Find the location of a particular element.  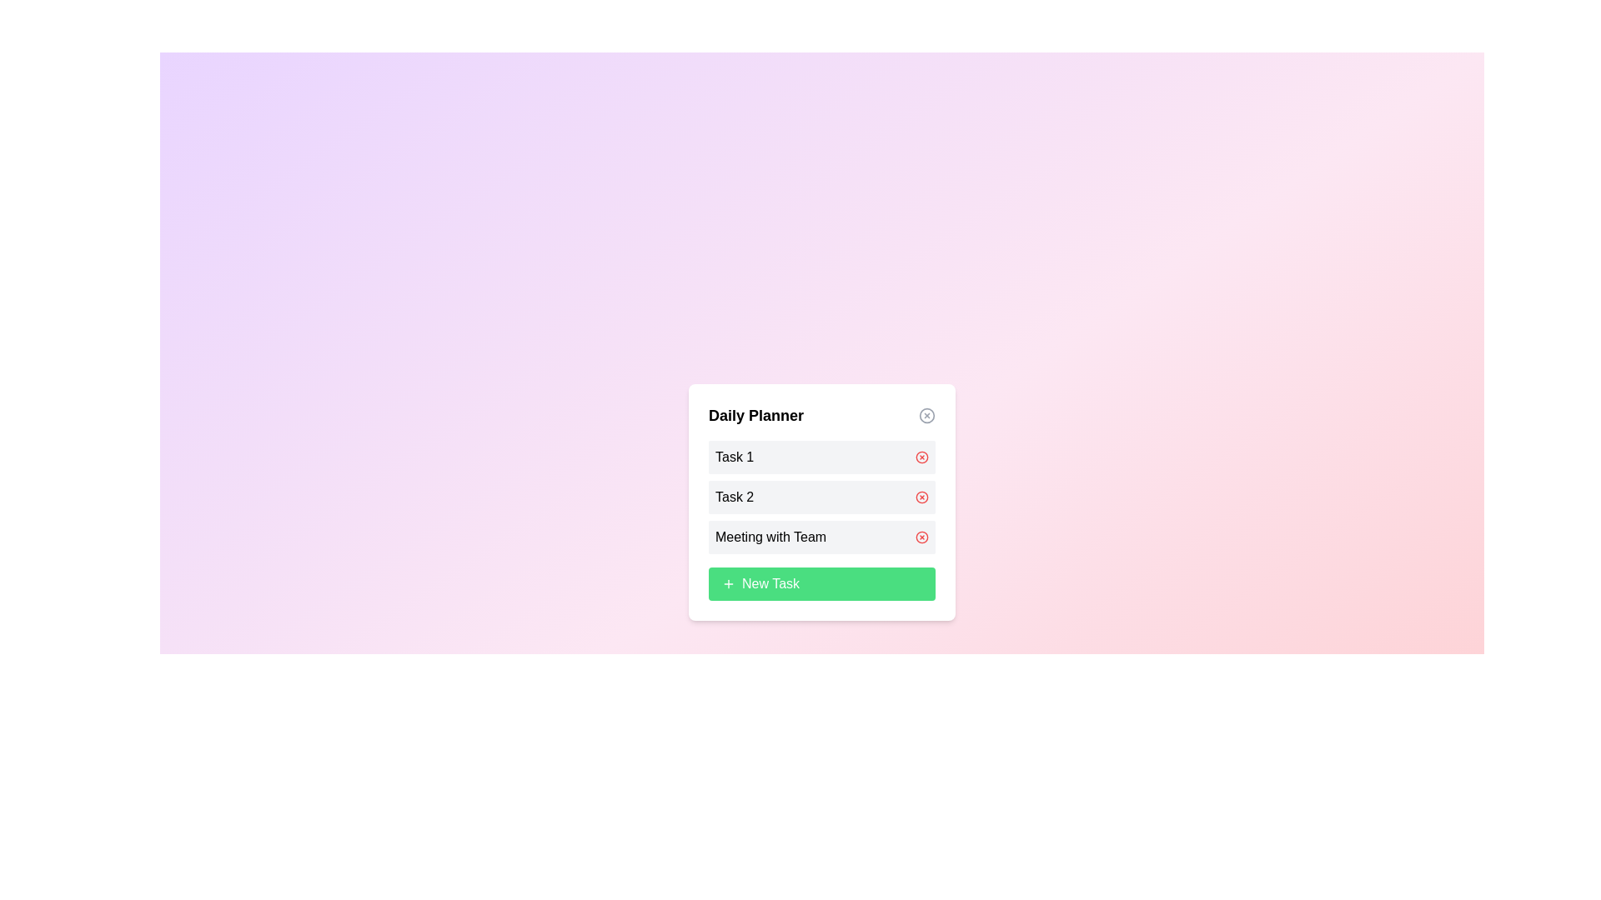

the task labeled 'Task 1' by clicking its associated delete button is located at coordinates (921, 457).